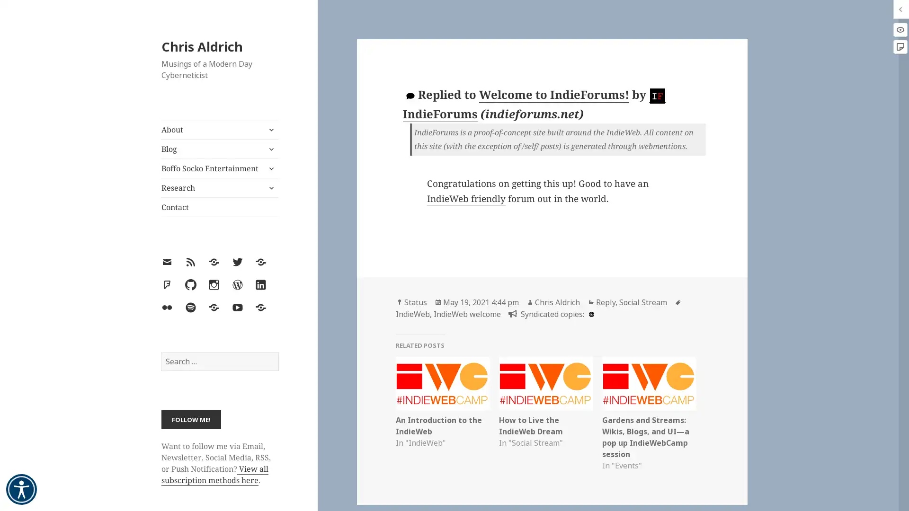 This screenshot has width=909, height=511. I want to click on expand child menu, so click(270, 149).